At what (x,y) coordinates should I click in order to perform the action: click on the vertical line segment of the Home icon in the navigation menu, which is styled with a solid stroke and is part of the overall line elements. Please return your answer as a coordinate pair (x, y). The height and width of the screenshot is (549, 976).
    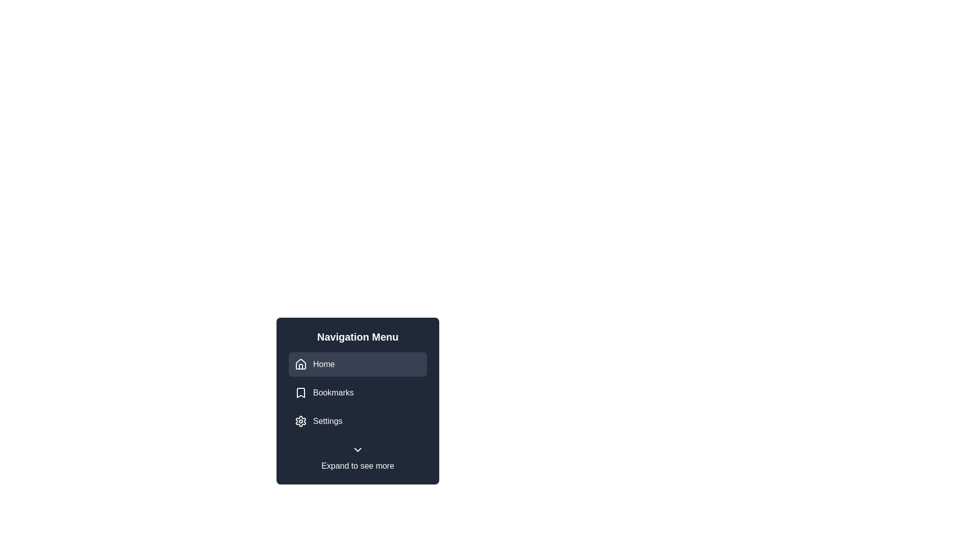
    Looking at the image, I should click on (300, 367).